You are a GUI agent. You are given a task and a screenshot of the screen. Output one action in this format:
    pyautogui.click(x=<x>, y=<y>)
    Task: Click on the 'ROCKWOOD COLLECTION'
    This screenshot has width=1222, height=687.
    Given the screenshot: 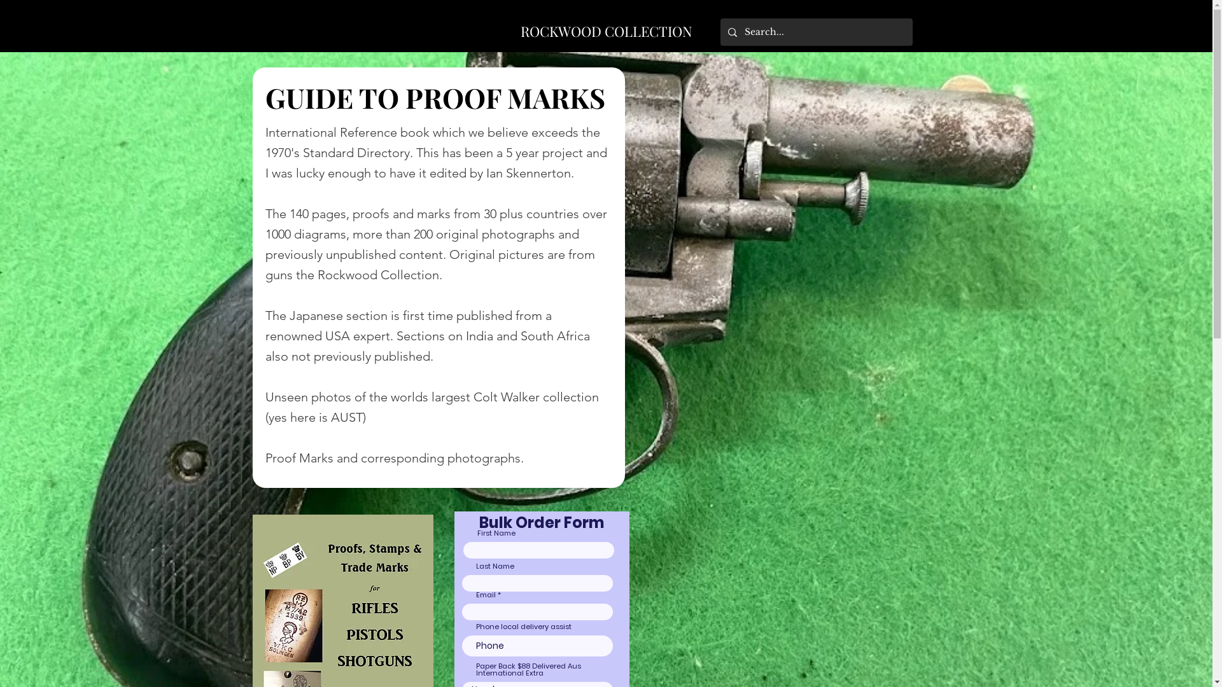 What is the action you would take?
    pyautogui.click(x=606, y=31)
    